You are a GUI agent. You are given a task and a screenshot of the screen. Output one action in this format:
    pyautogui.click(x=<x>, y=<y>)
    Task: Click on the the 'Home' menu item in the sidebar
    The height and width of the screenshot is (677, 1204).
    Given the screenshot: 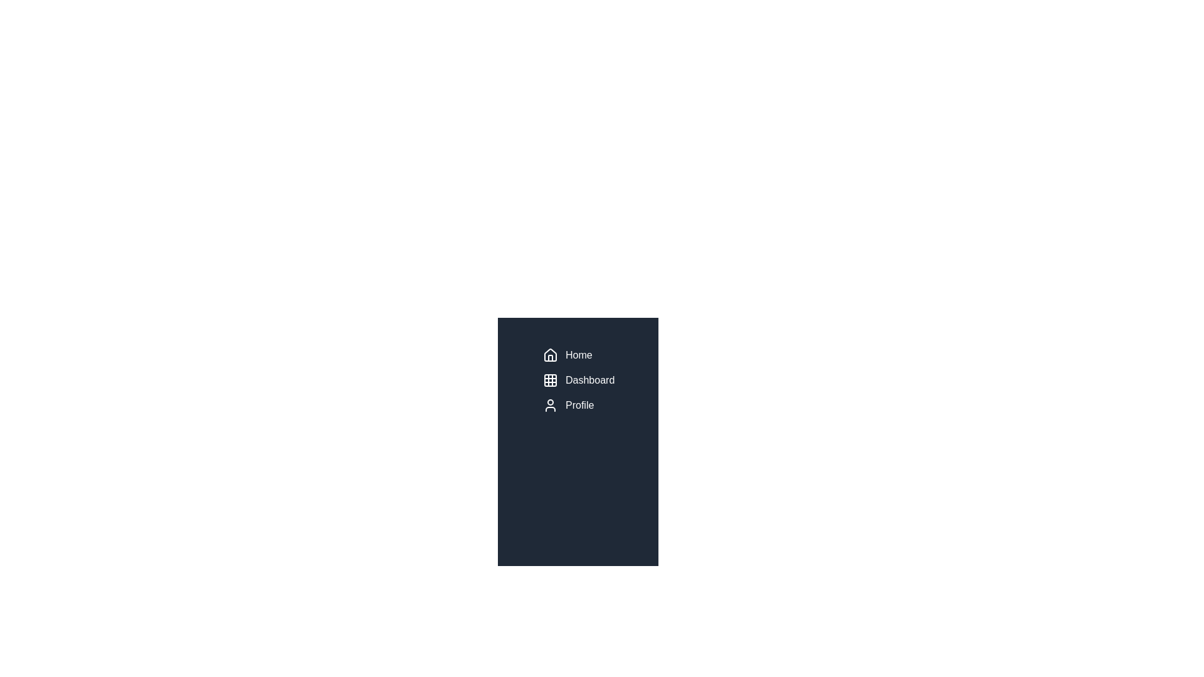 What is the action you would take?
    pyautogui.click(x=578, y=355)
    